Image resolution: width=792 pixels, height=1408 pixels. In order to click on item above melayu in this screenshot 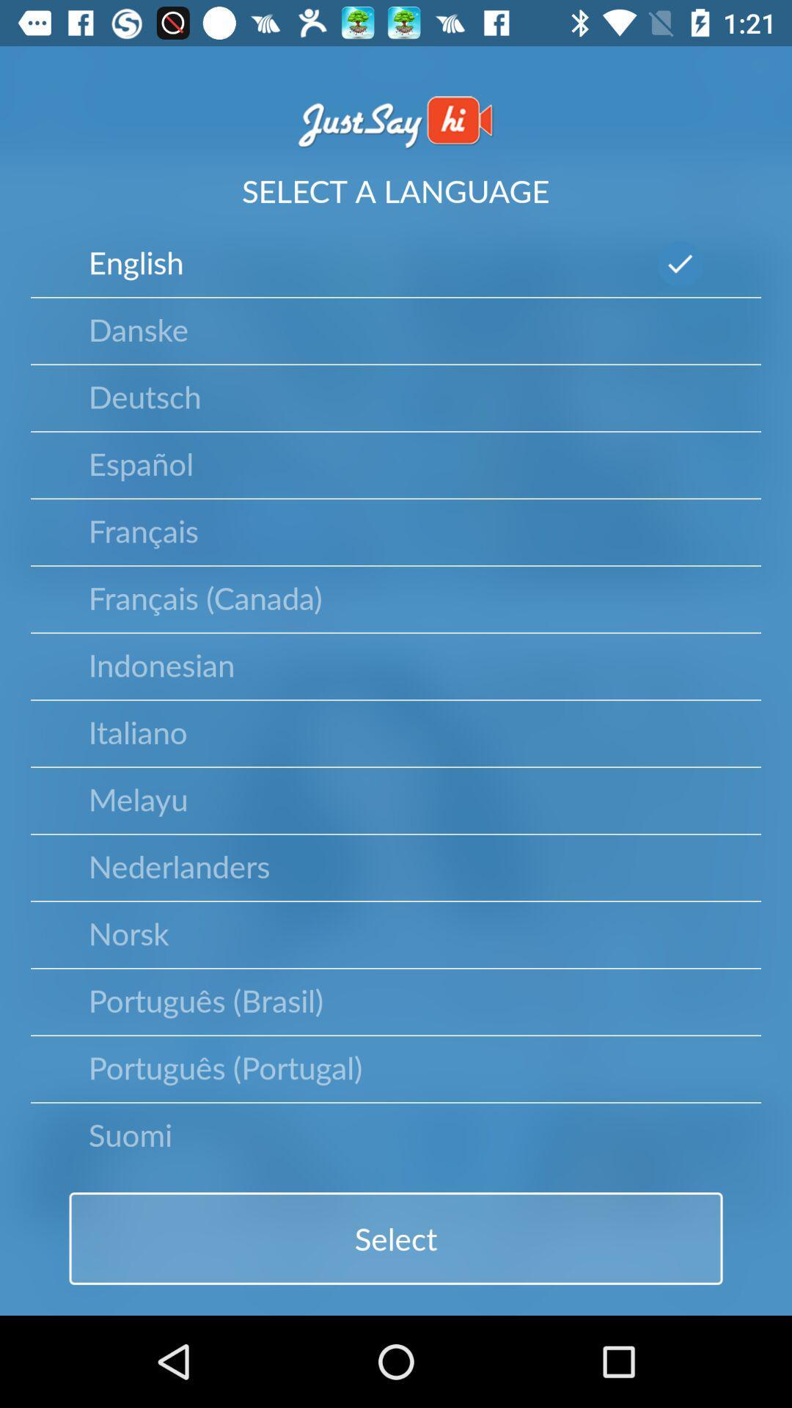, I will do `click(138, 731)`.